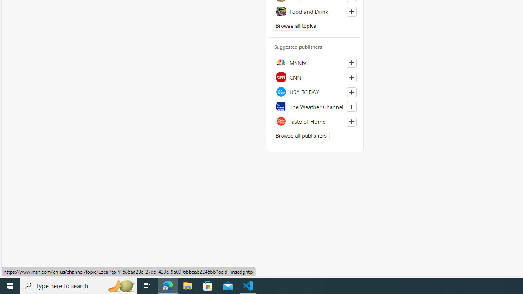  What do you see at coordinates (314, 121) in the screenshot?
I see `'Taste of Home'` at bounding box center [314, 121].